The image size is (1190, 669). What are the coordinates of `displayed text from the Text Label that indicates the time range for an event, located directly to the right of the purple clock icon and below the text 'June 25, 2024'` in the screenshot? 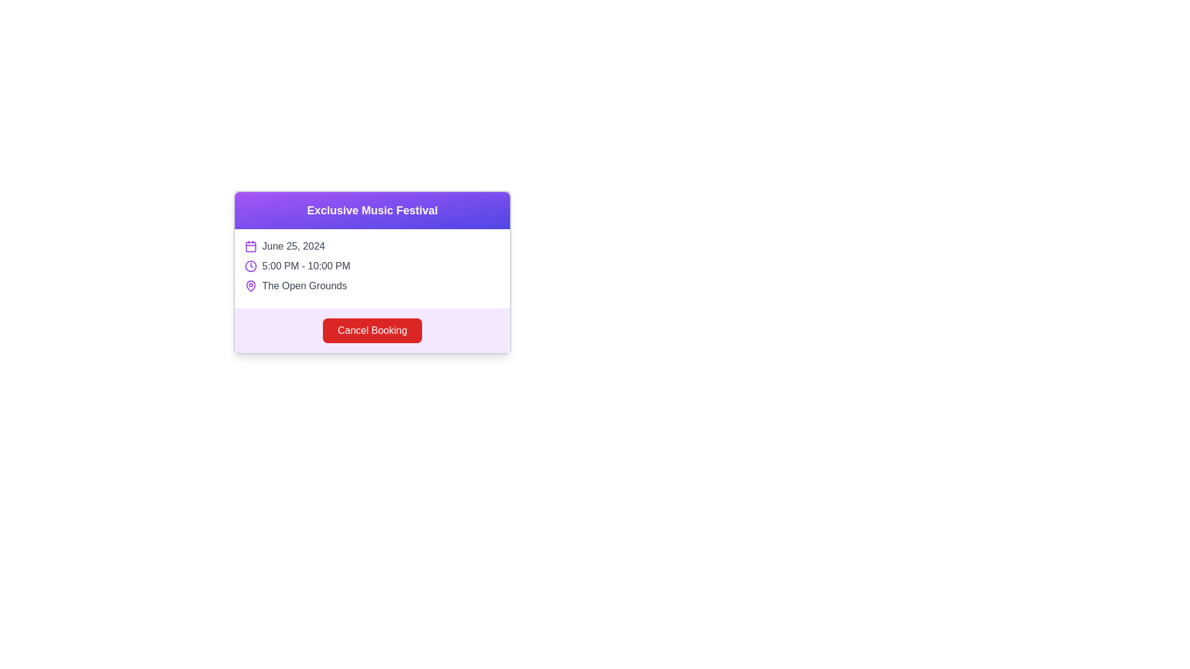 It's located at (306, 265).